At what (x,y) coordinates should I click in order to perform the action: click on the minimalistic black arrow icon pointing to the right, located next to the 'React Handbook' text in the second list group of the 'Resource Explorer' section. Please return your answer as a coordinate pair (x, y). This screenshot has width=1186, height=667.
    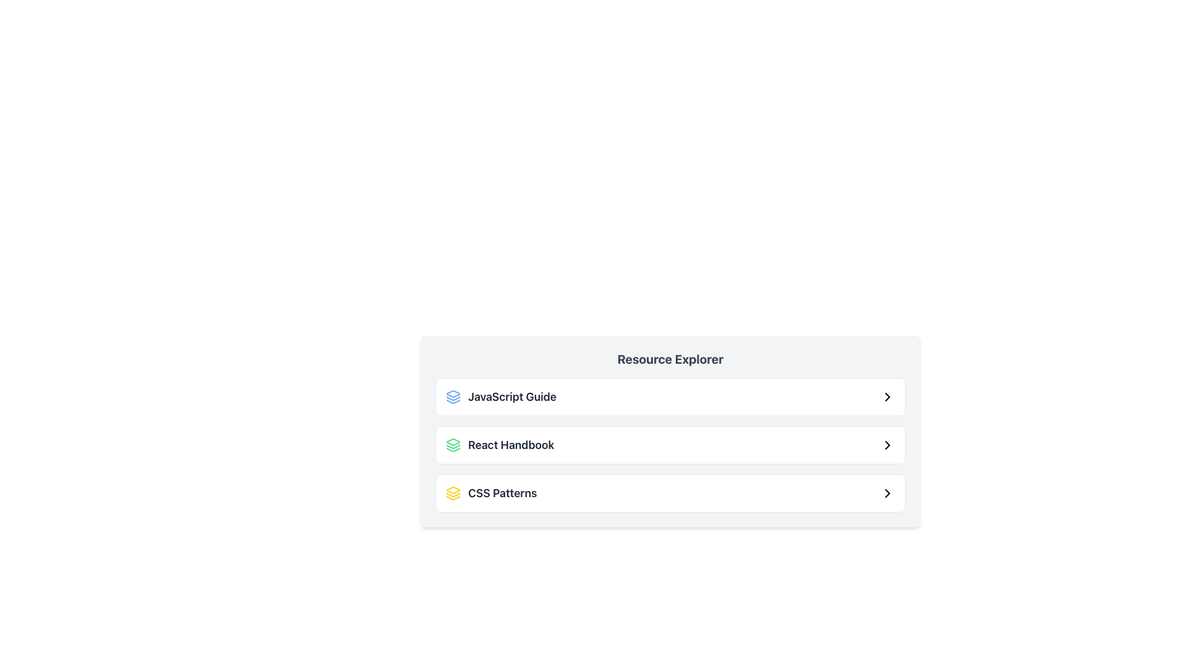
    Looking at the image, I should click on (886, 445).